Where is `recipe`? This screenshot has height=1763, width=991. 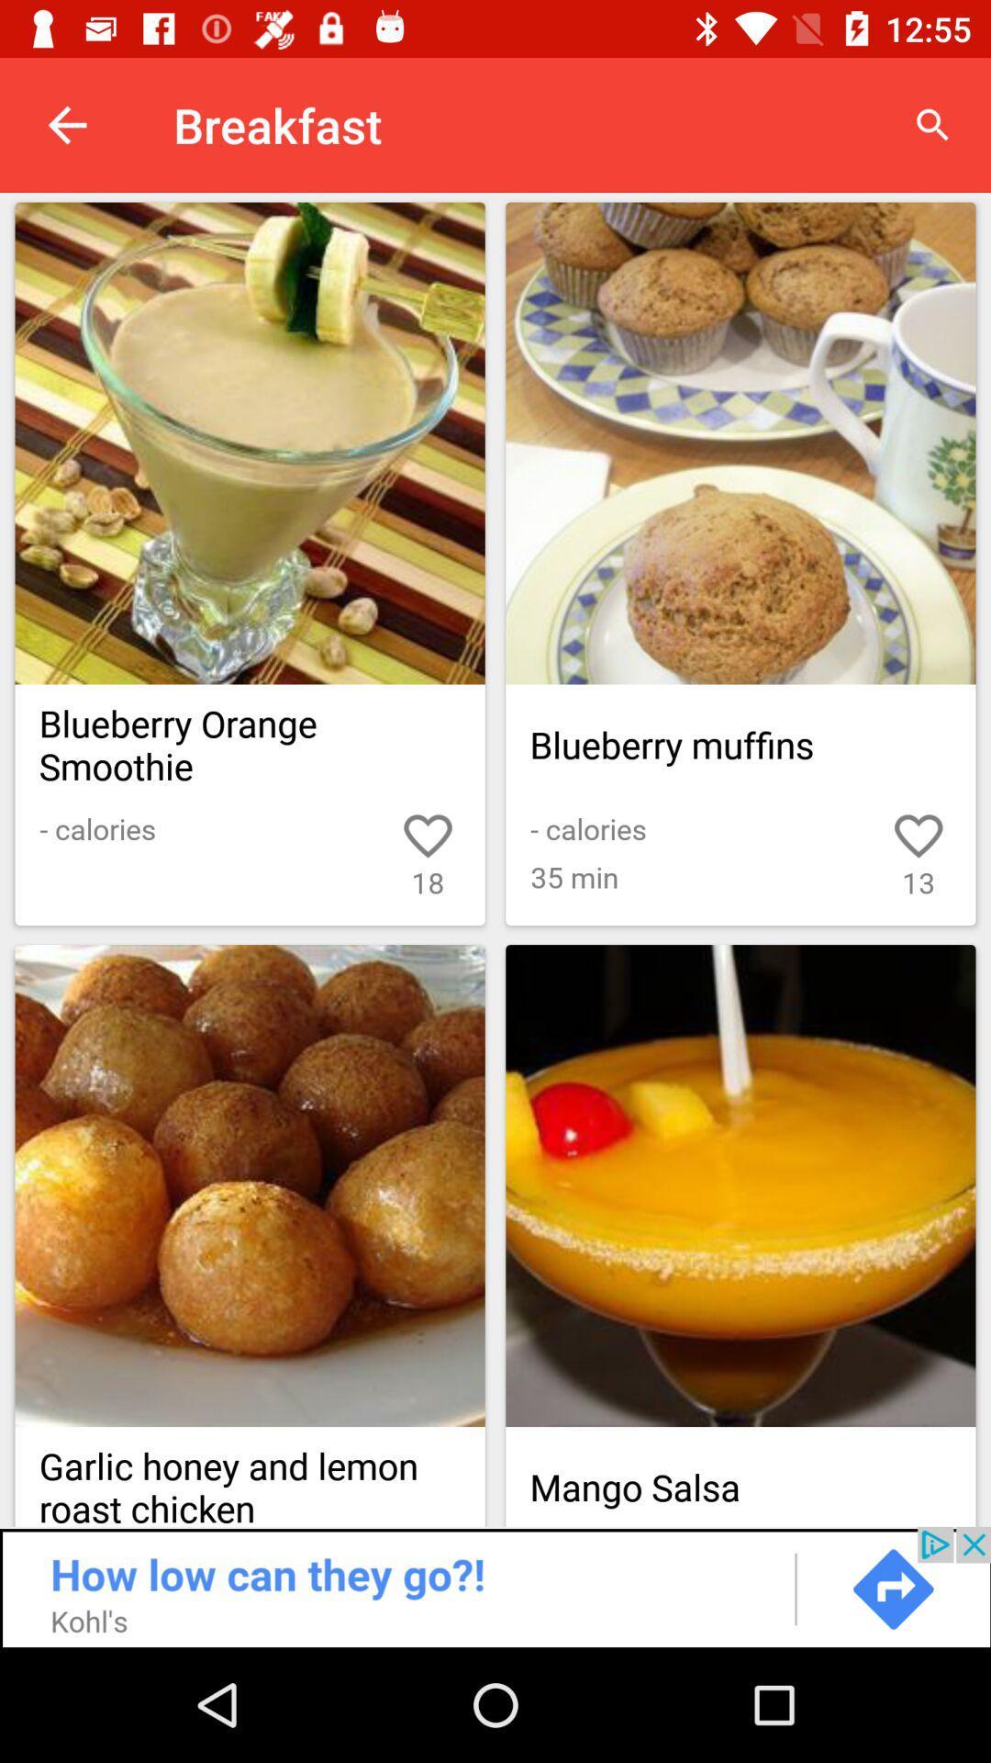
recipe is located at coordinates (740, 1185).